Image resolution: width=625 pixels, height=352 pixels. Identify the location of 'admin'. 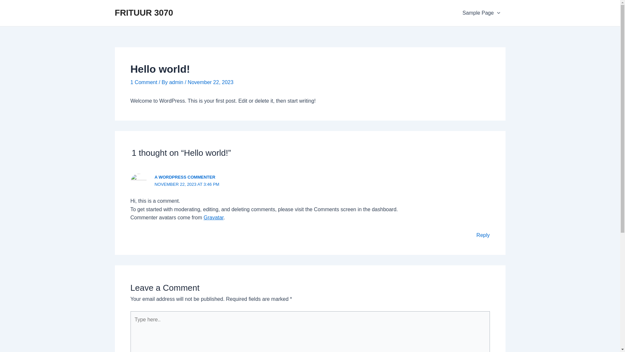
(177, 82).